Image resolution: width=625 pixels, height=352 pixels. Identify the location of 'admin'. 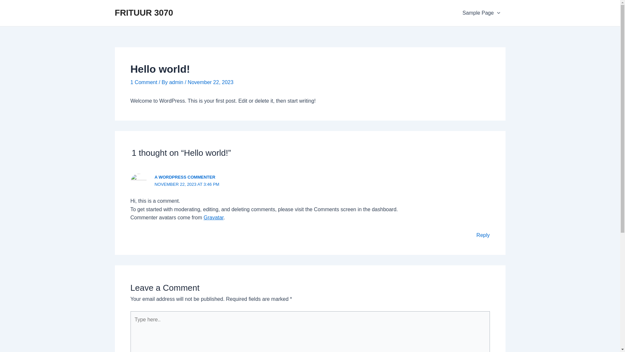
(177, 82).